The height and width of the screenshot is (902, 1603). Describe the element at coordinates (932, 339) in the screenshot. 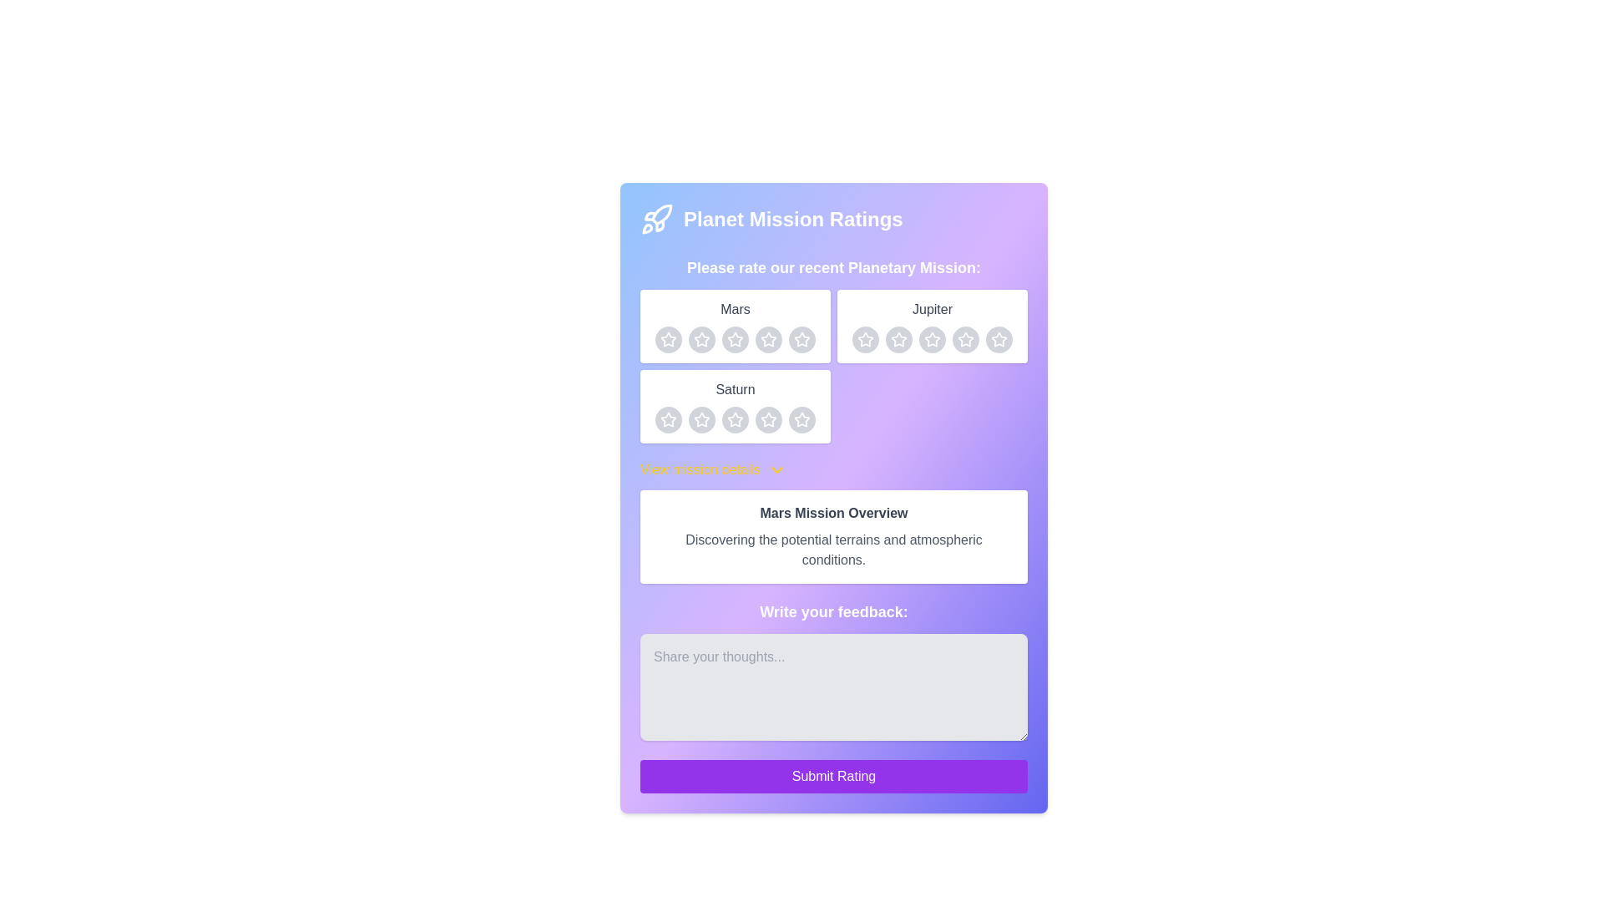

I see `the third star in the interactive rating button group below the 'Jupiter' label` at that location.